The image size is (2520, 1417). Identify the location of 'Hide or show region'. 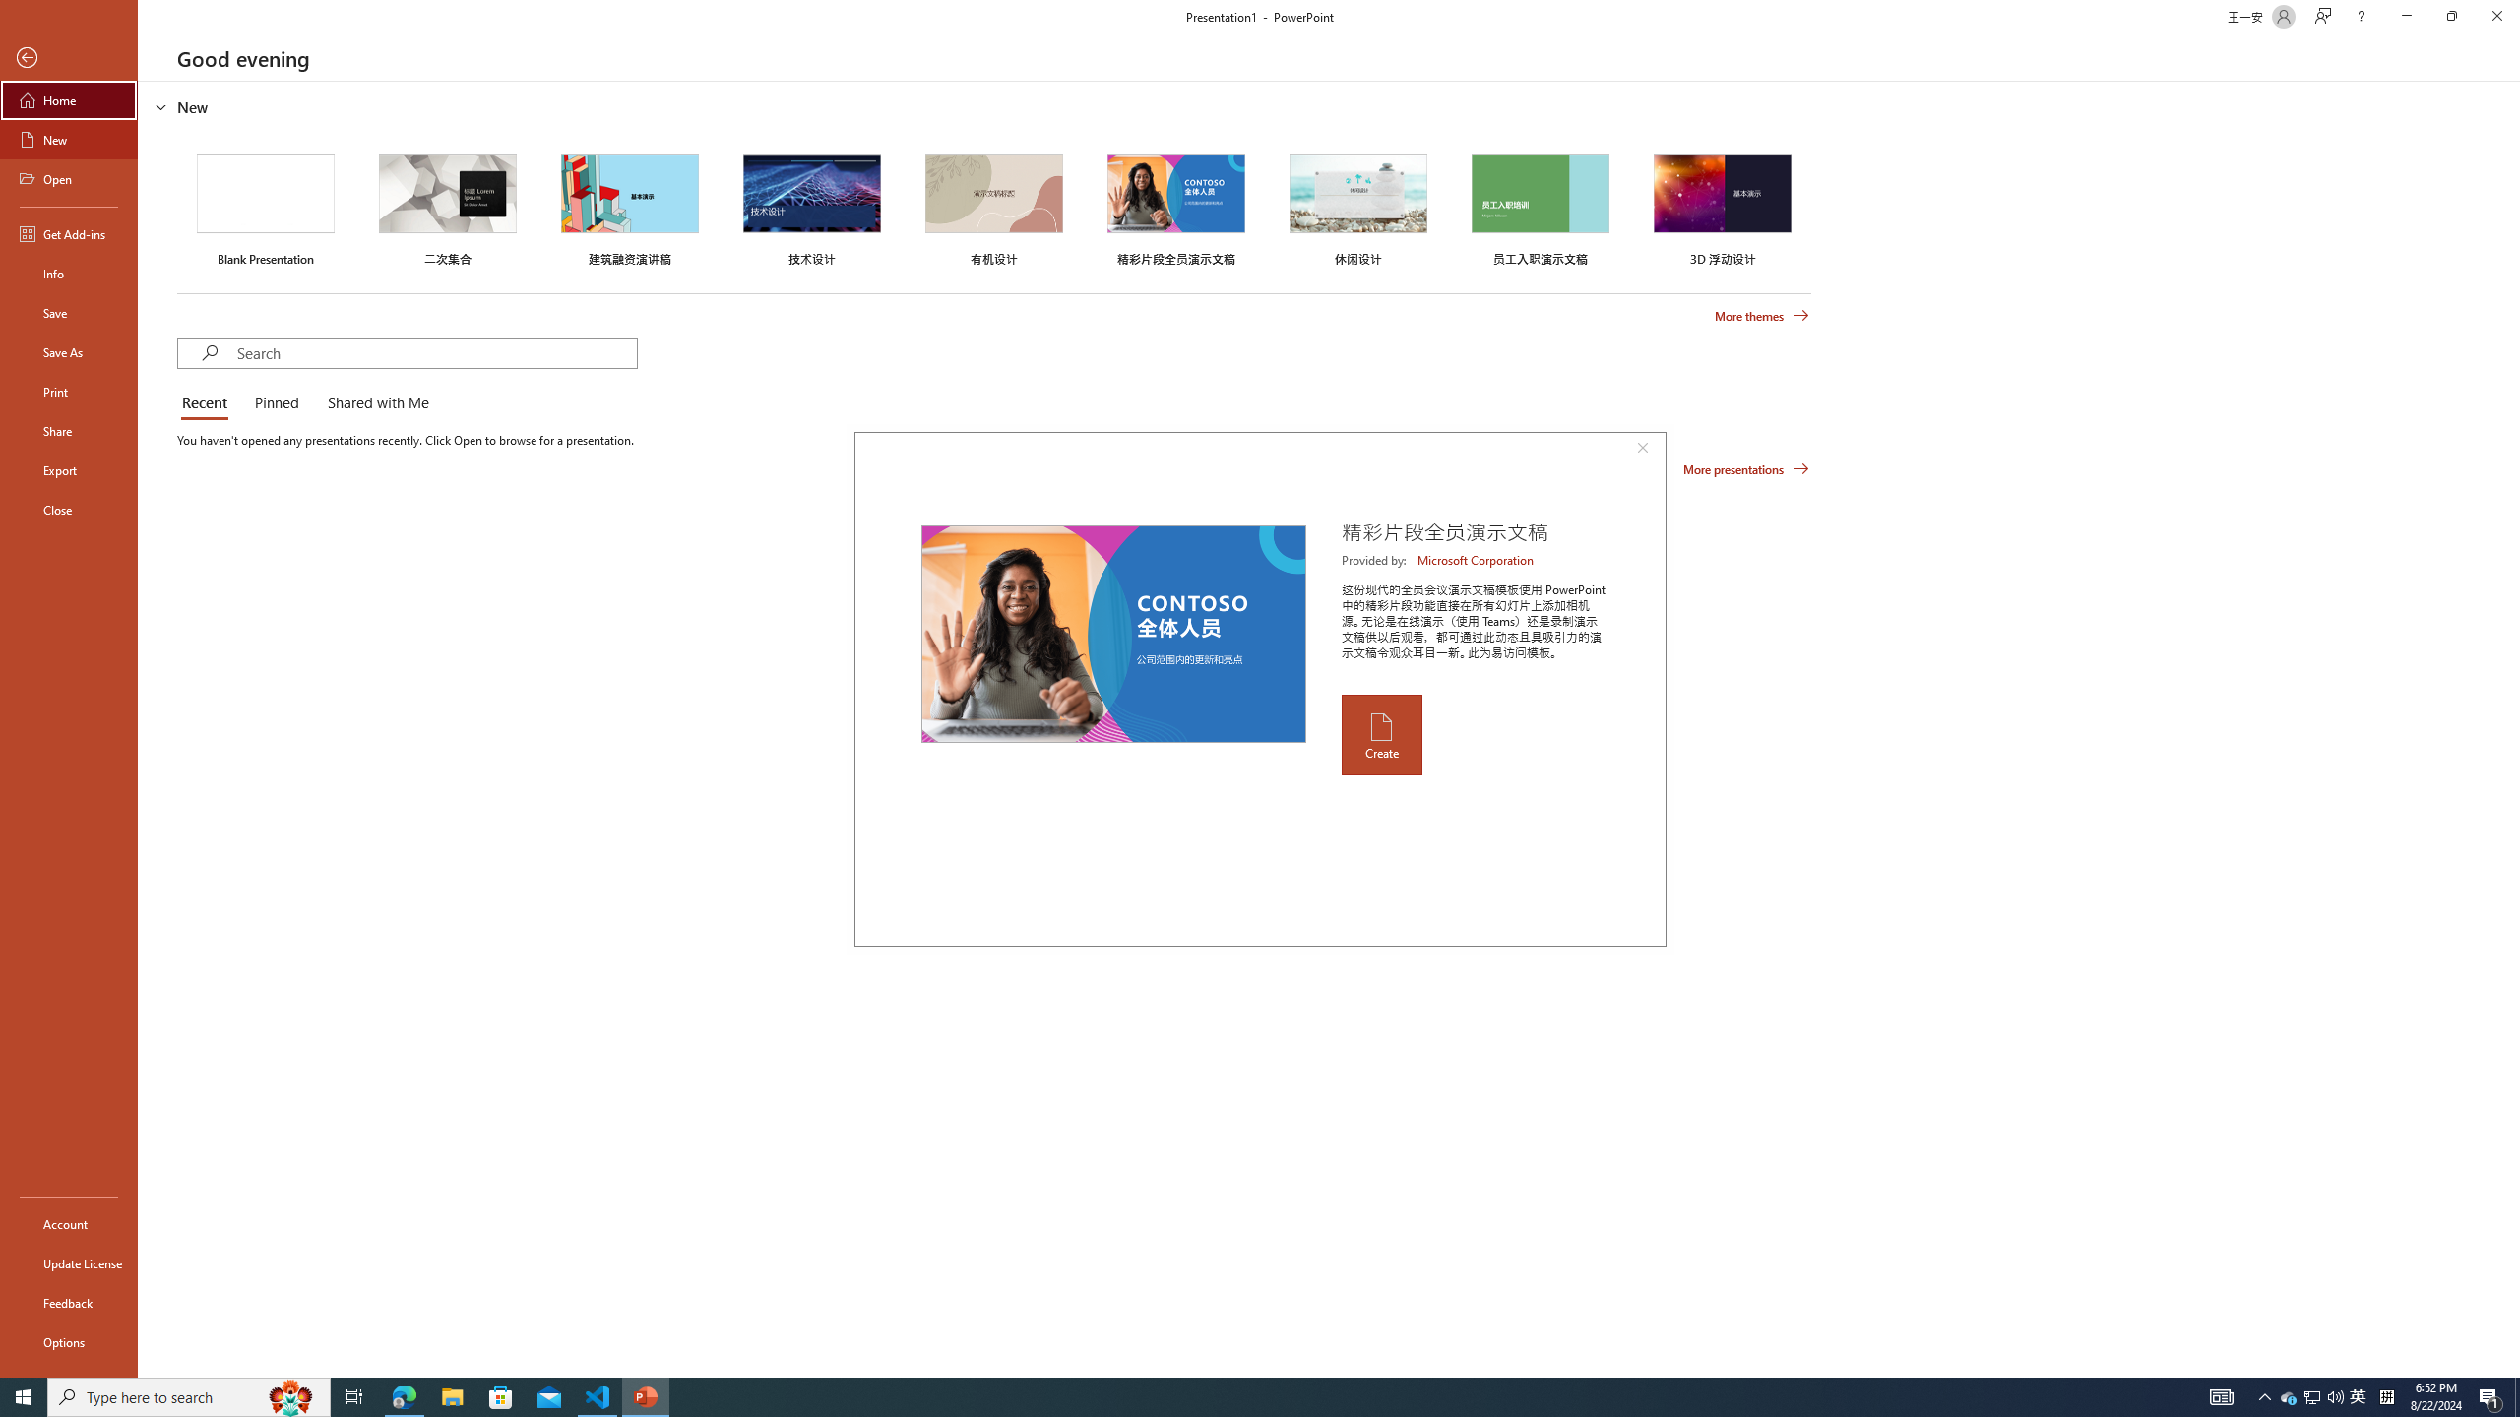
(160, 105).